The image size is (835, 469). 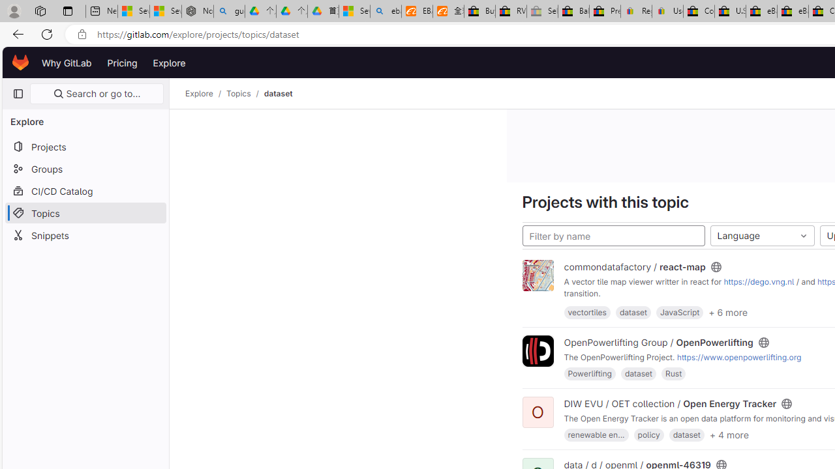 What do you see at coordinates (573, 11) in the screenshot?
I see `'Baby Keepsakes & Announcements for sale | eBay'` at bounding box center [573, 11].